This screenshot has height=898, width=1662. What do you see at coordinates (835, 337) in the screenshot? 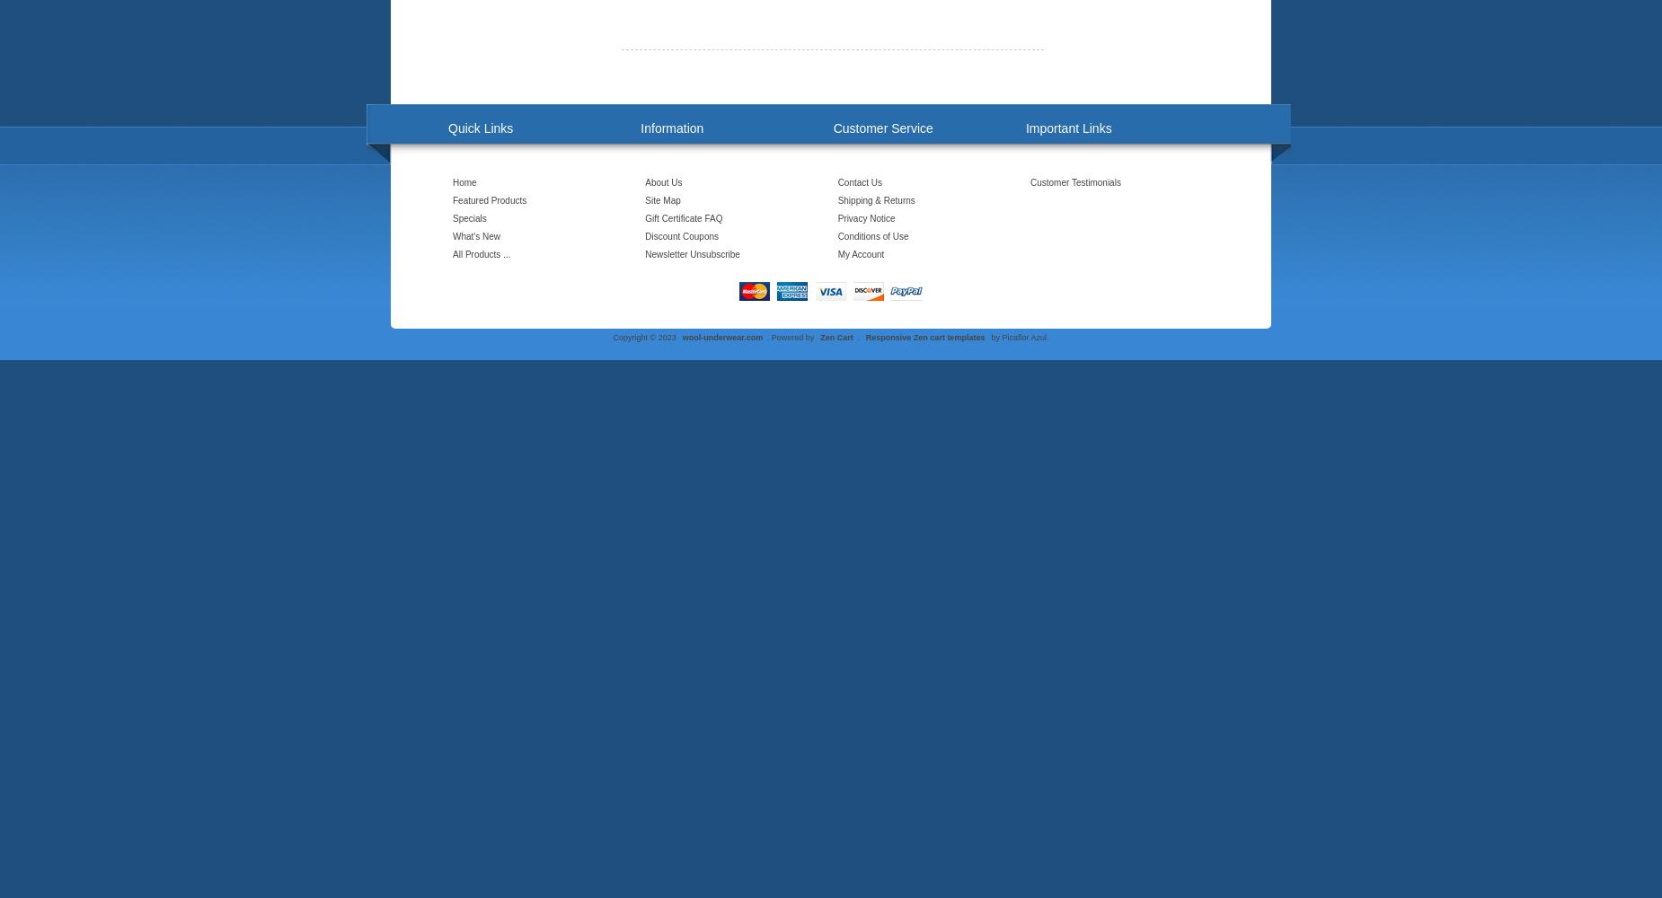
I see `'Zen Cart'` at bounding box center [835, 337].